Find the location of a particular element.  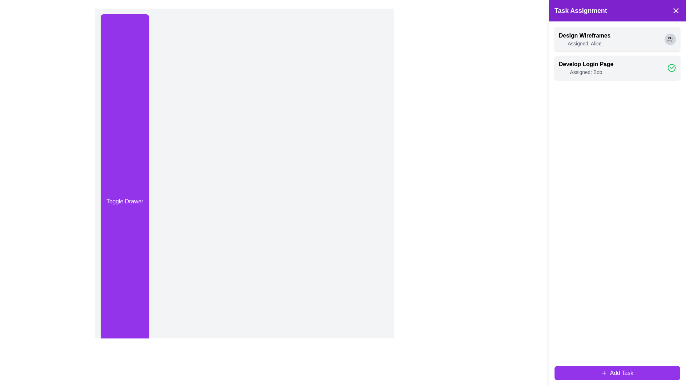

the close button located in the top-right corner of the 'Task Assignment' panel is located at coordinates (675, 11).